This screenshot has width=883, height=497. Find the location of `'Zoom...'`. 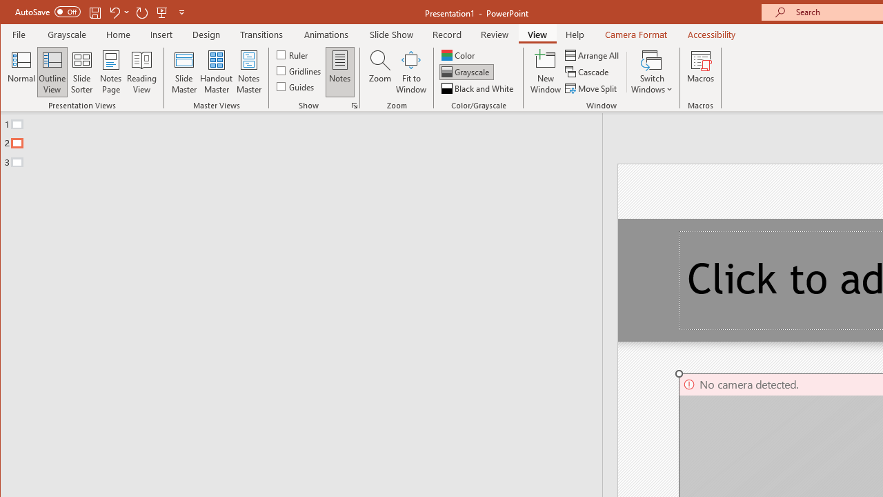

'Zoom...' is located at coordinates (380, 72).